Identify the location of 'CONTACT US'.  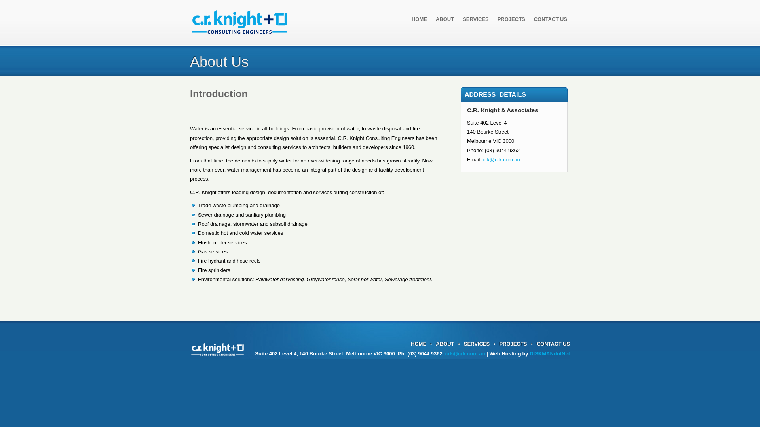
(553, 343).